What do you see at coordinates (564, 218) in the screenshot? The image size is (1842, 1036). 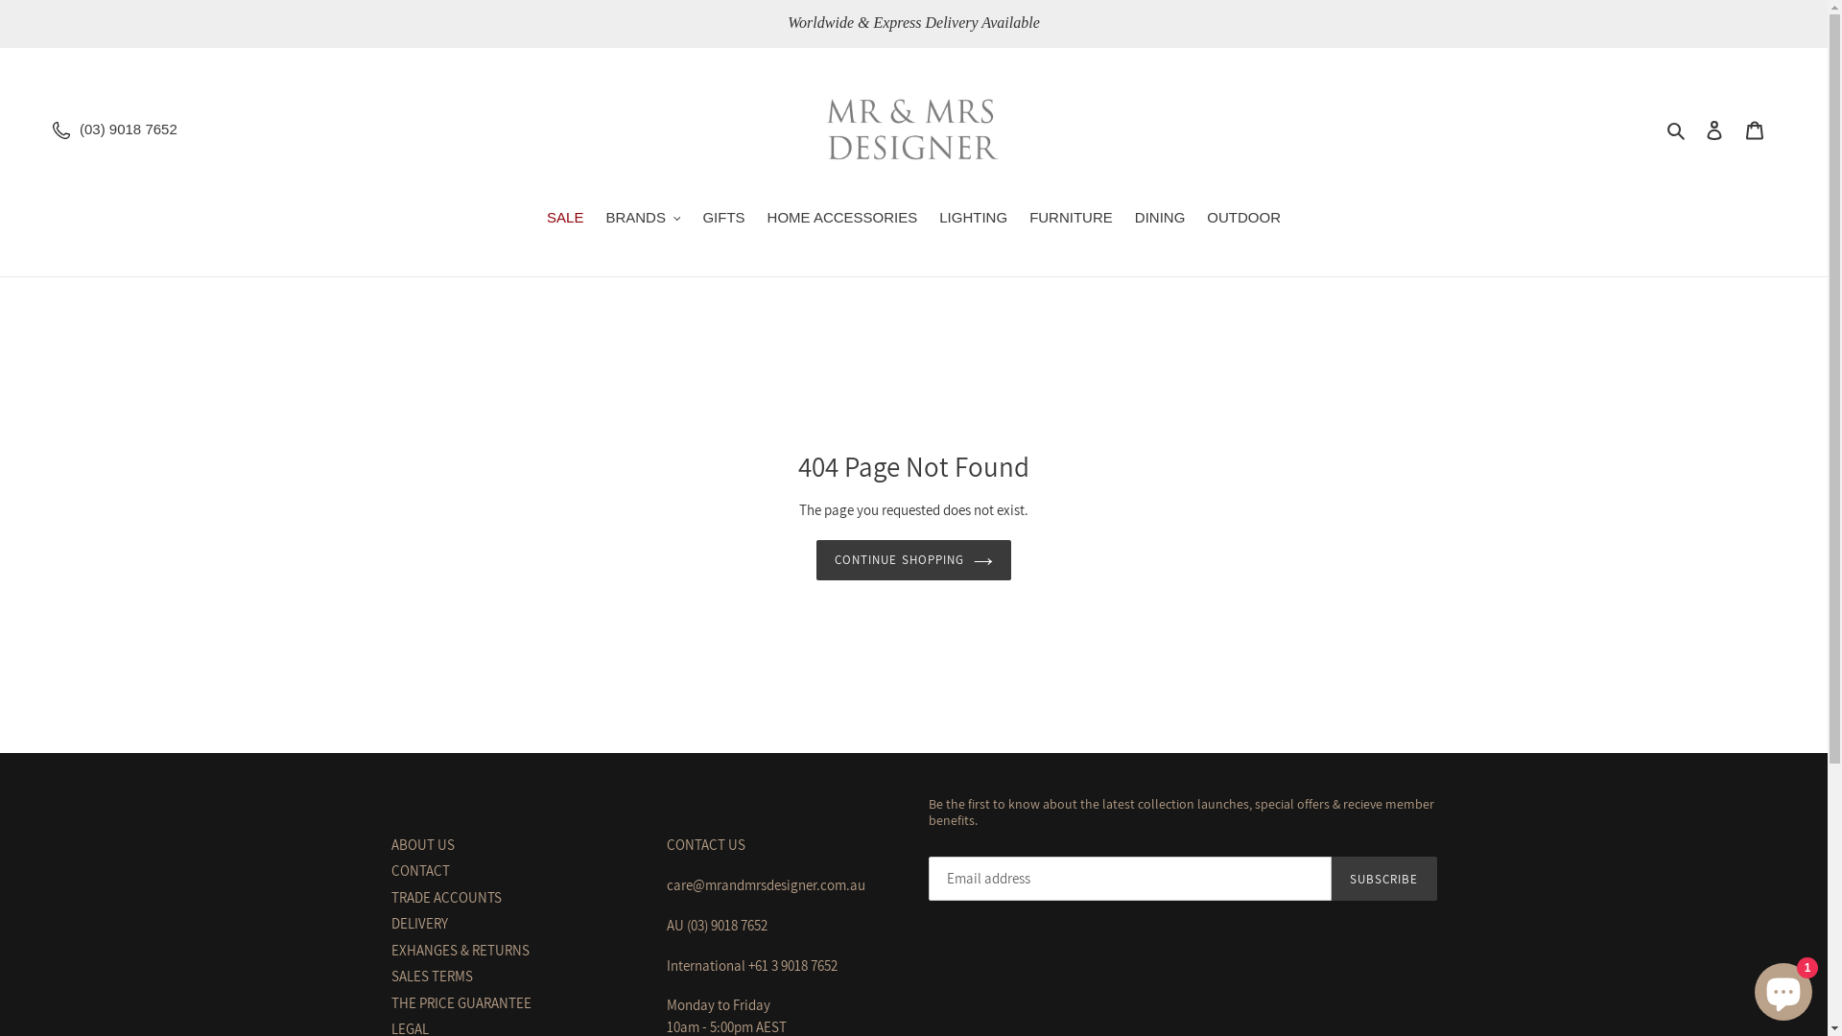 I see `'SALE'` at bounding box center [564, 218].